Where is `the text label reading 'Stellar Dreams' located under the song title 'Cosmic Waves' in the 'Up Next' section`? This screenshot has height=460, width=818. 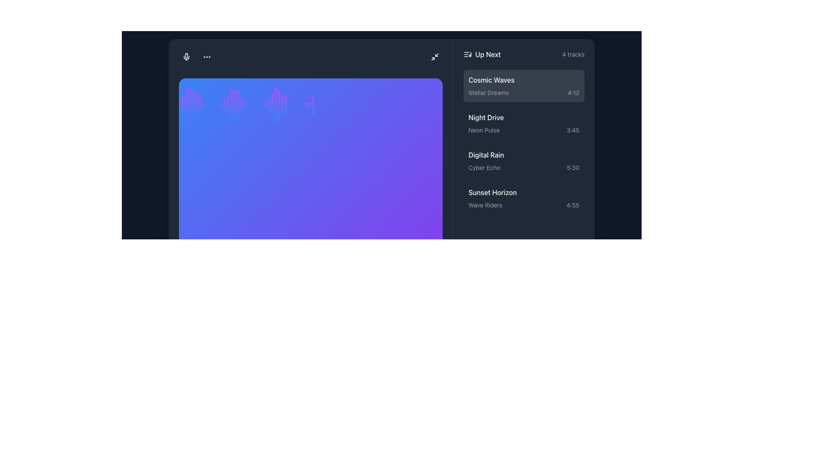 the text label reading 'Stellar Dreams' located under the song title 'Cosmic Waves' in the 'Up Next' section is located at coordinates (488, 92).